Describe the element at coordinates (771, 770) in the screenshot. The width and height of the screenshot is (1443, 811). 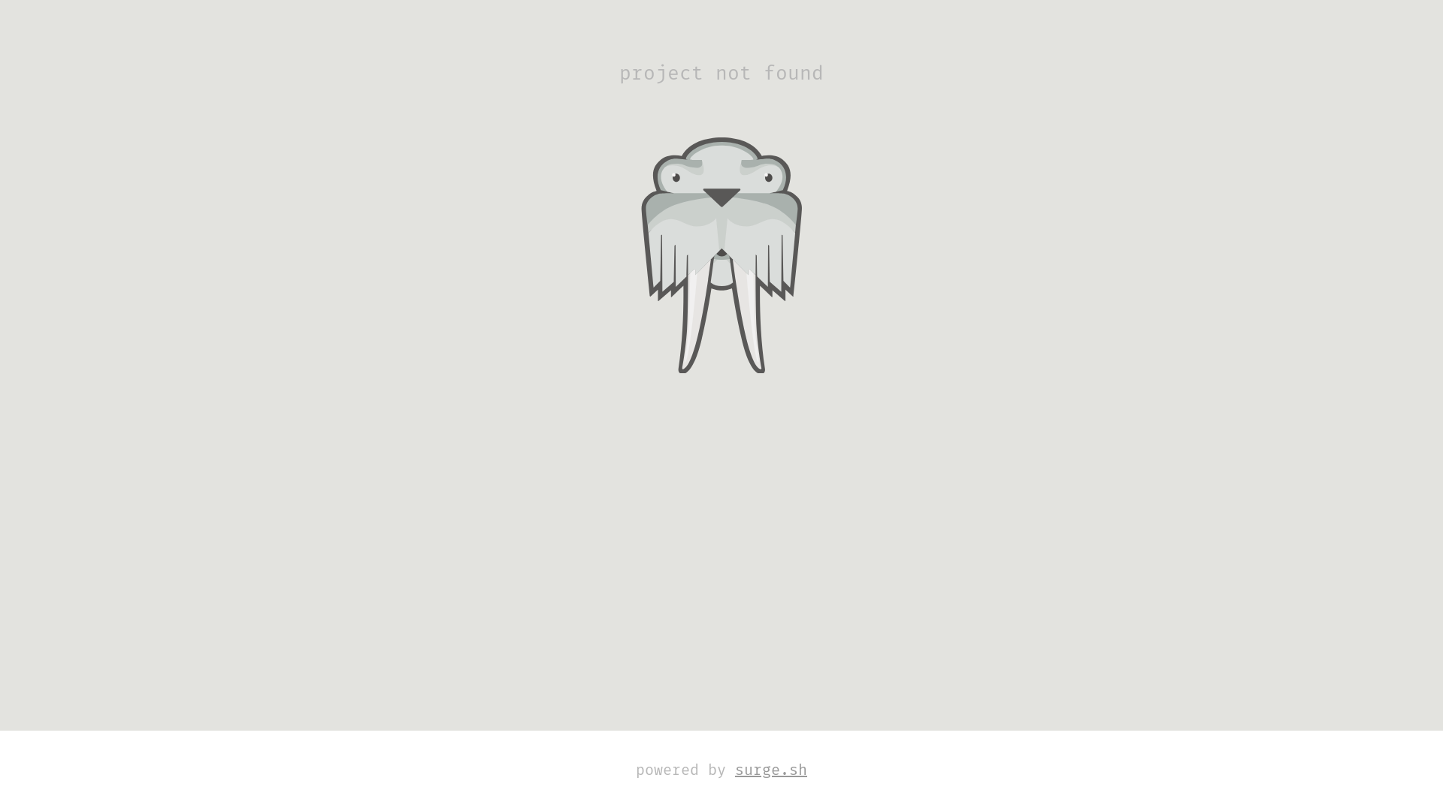
I see `'surge.sh'` at that location.